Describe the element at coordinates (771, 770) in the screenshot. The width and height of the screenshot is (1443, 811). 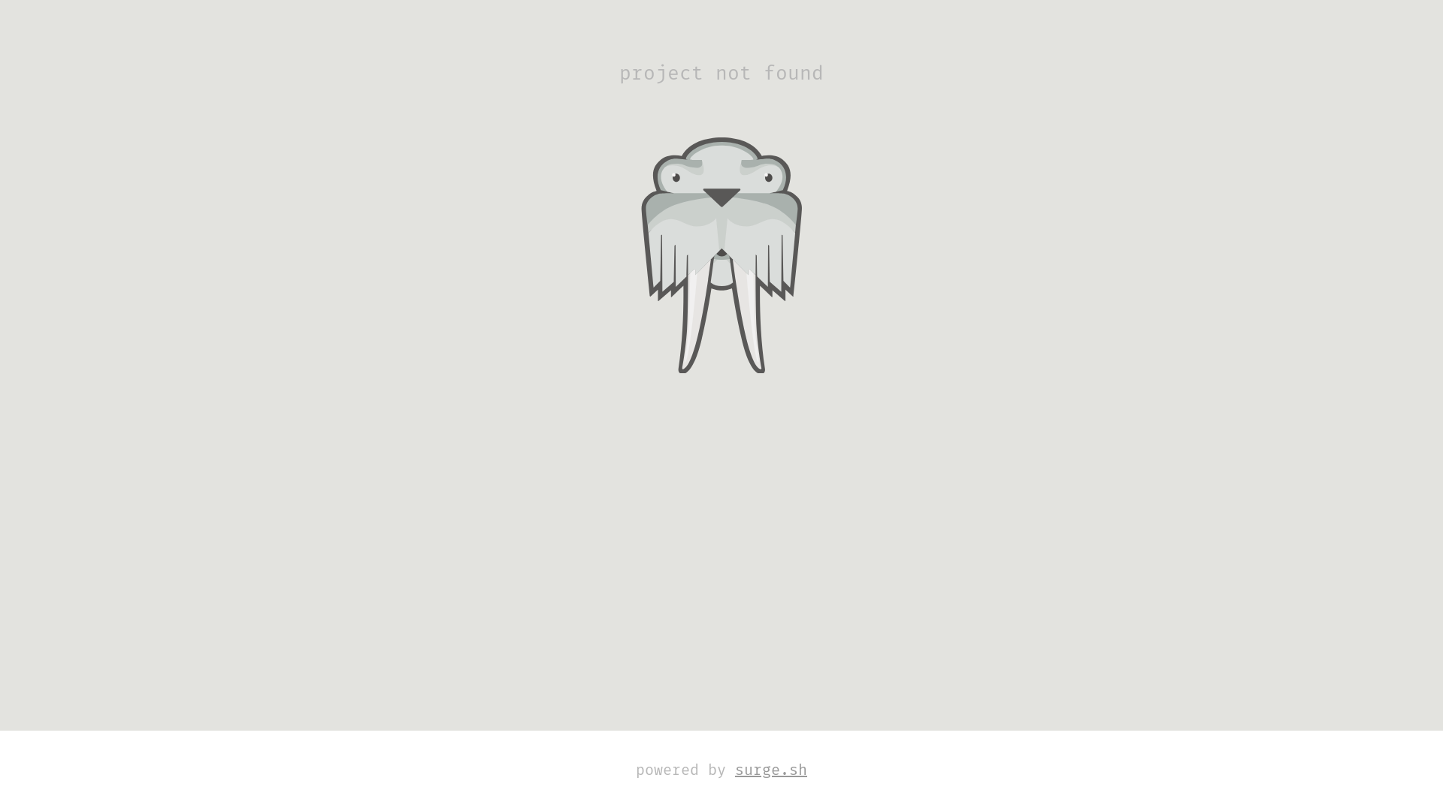
I see `'surge.sh'` at that location.